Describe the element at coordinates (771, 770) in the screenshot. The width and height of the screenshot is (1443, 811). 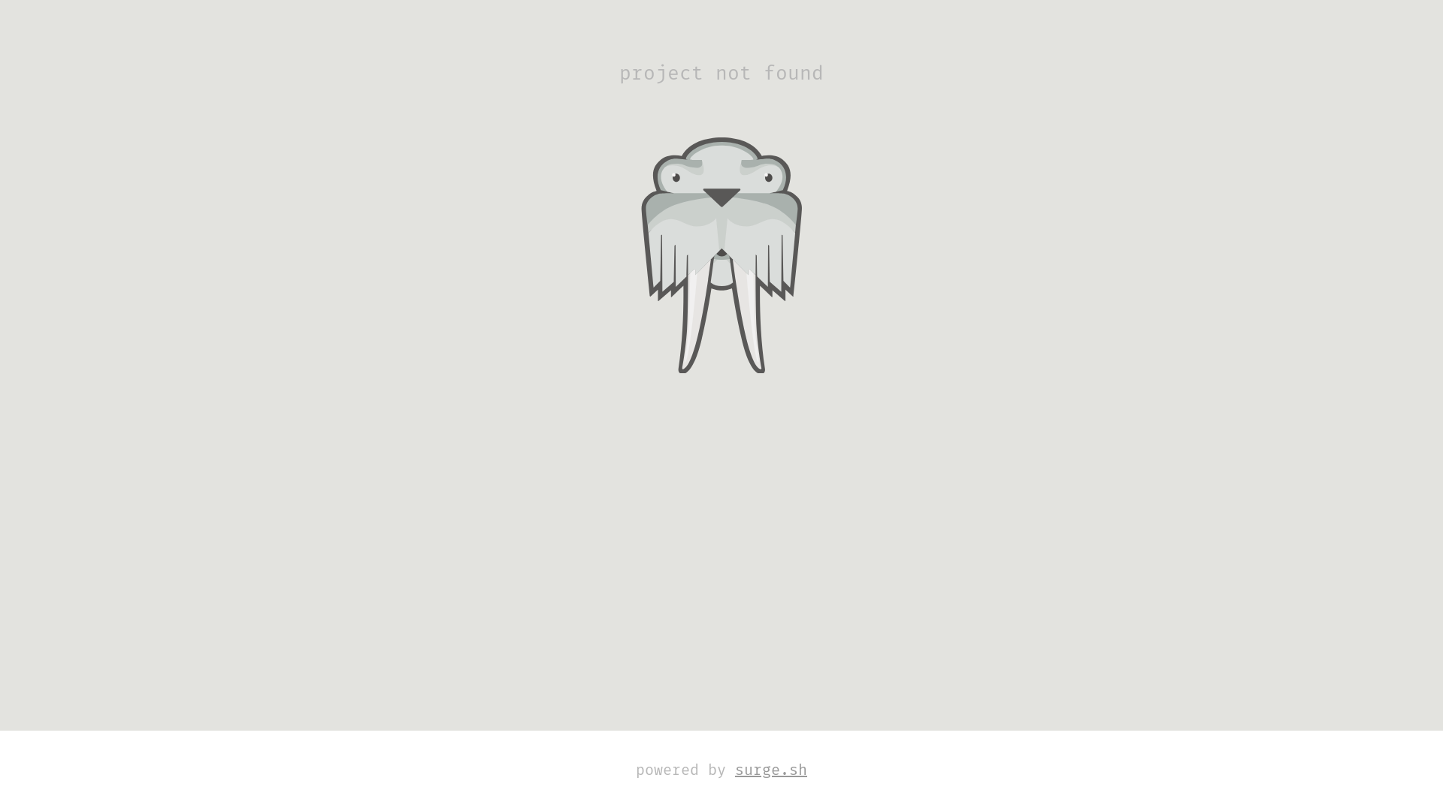
I see `'surge.sh'` at that location.